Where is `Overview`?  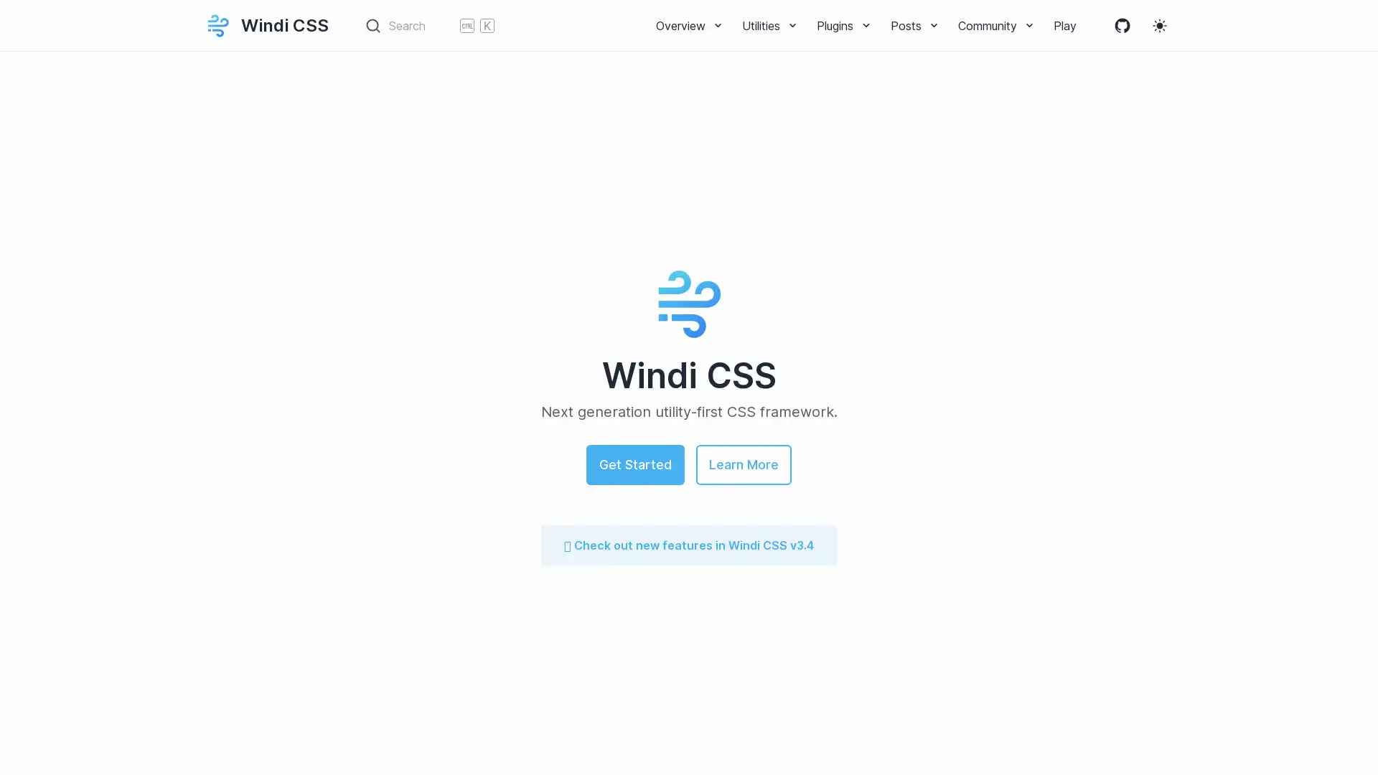
Overview is located at coordinates (690, 24).